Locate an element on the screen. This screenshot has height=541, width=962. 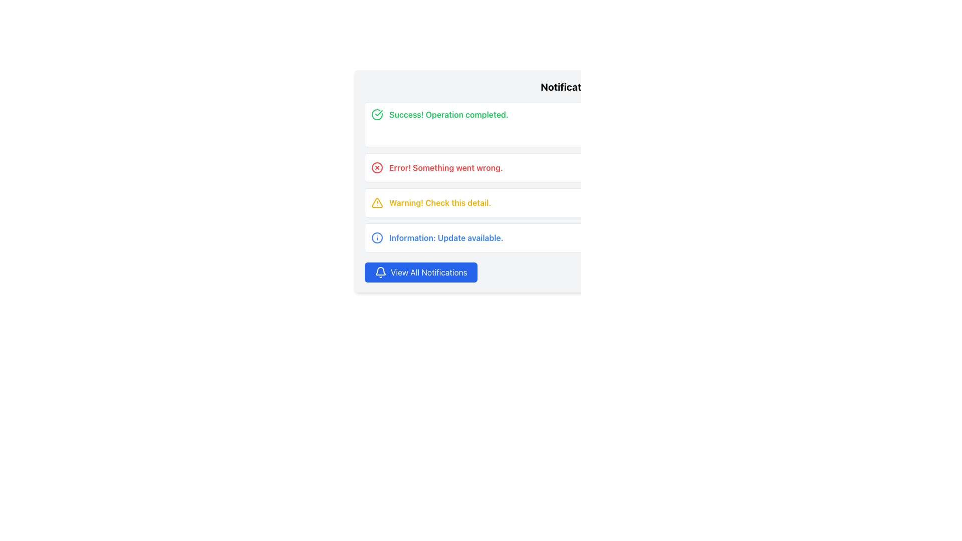
the warning icon in the third notification row, which emphasizes a warning notification with the text 'Warning! Check this detail.' is located at coordinates (377, 203).